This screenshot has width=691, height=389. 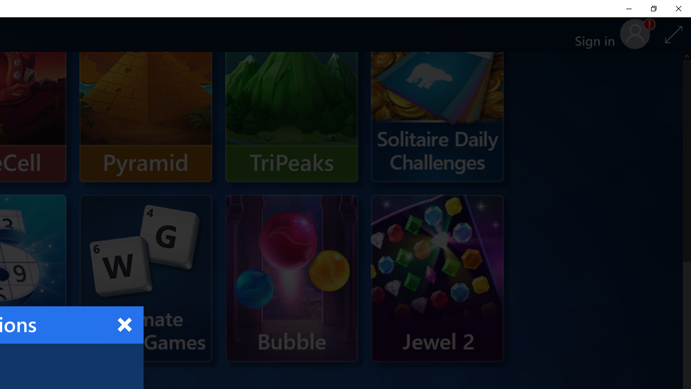 What do you see at coordinates (628, 8) in the screenshot?
I see `'Minimize Solitaire & Casual Games'` at bounding box center [628, 8].